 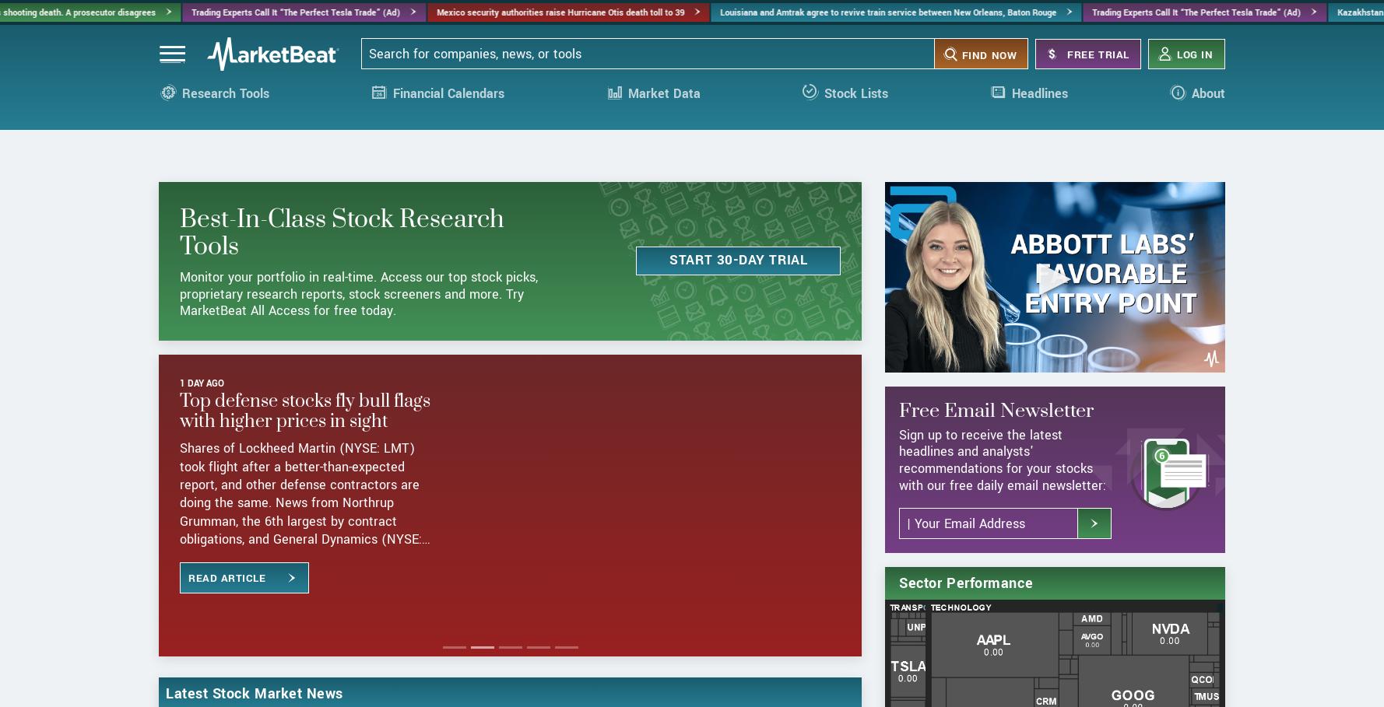 I want to click on 'Sign up to receive the latest headlines and analysts' recommendations for your stocks with our free daily email newsletter:', so click(x=1002, y=520).